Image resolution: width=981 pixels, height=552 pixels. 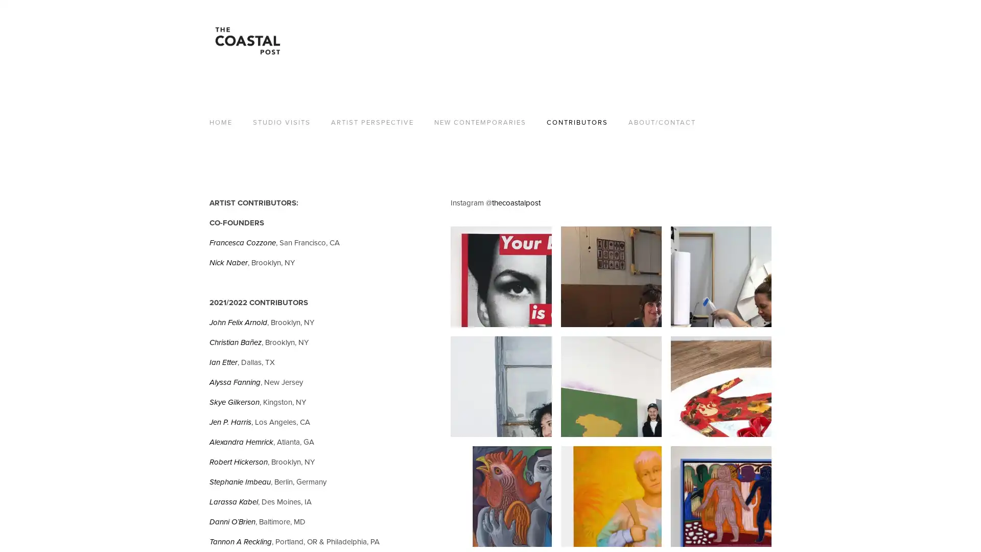 What do you see at coordinates (501, 386) in the screenshot?
I see `View fullsize &ldquo;The Mirror,&rdquo; a profile of Aineki Traverso by Alexandra Hemrick is now live on the site! @aaineki @originaltitle #ainekitraverso #painting #portraits #studiovisit #georgia #thecoastalpost` at bounding box center [501, 386].